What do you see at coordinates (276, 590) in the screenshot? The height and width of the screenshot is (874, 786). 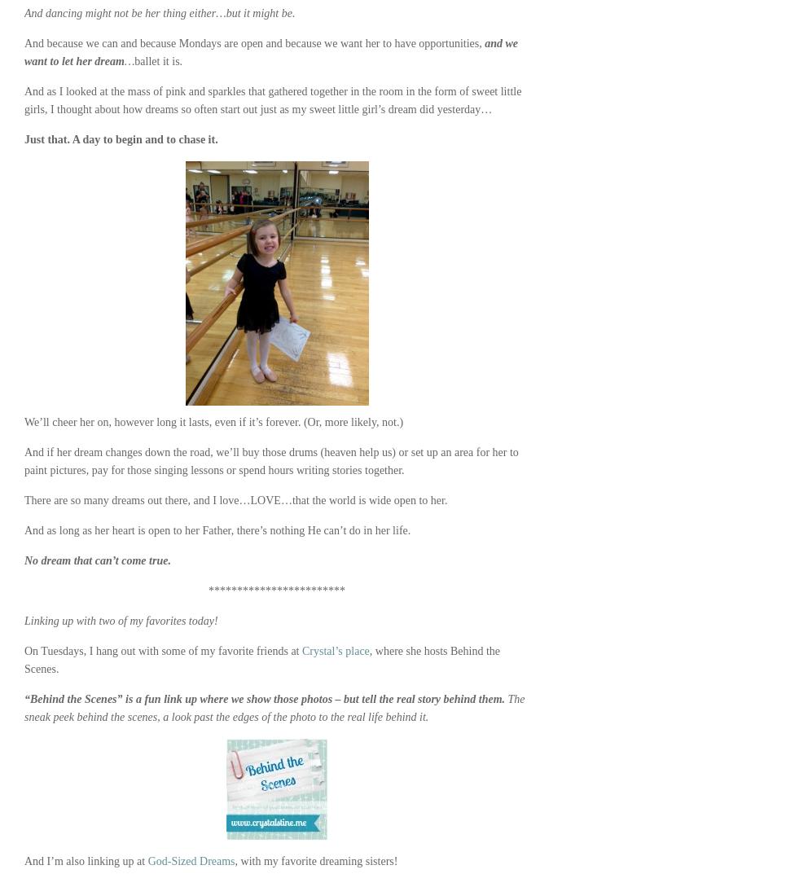 I see `'************************'` at bounding box center [276, 590].